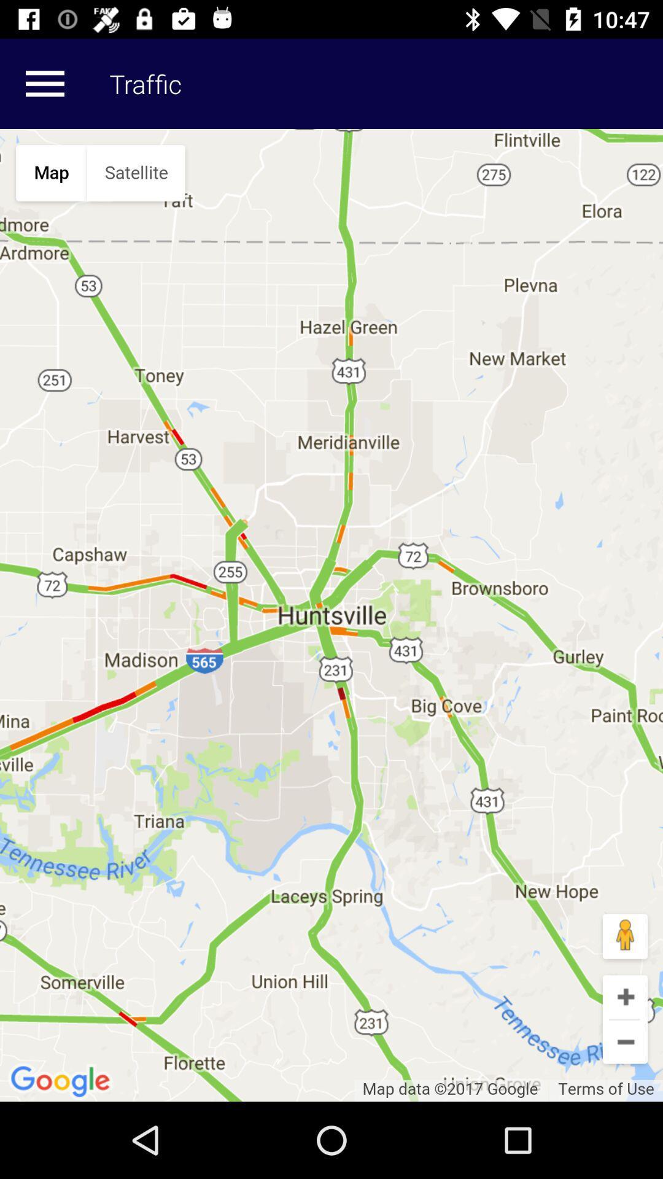 The height and width of the screenshot is (1179, 663). Describe the element at coordinates (44, 83) in the screenshot. I see `the menu icon` at that location.